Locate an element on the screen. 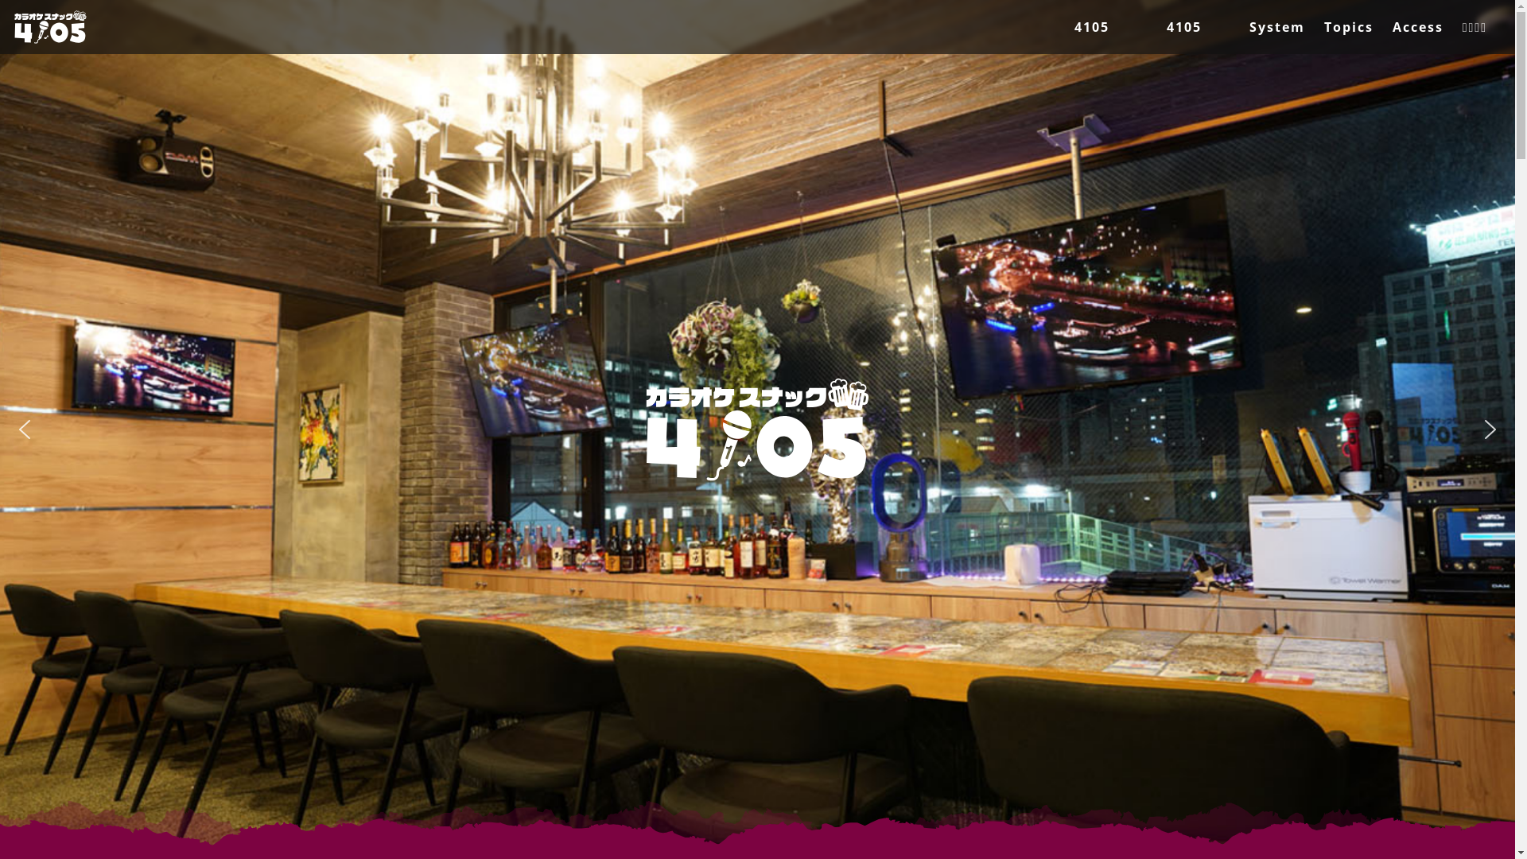 This screenshot has width=1527, height=859. 'Topics' is located at coordinates (1347, 27).